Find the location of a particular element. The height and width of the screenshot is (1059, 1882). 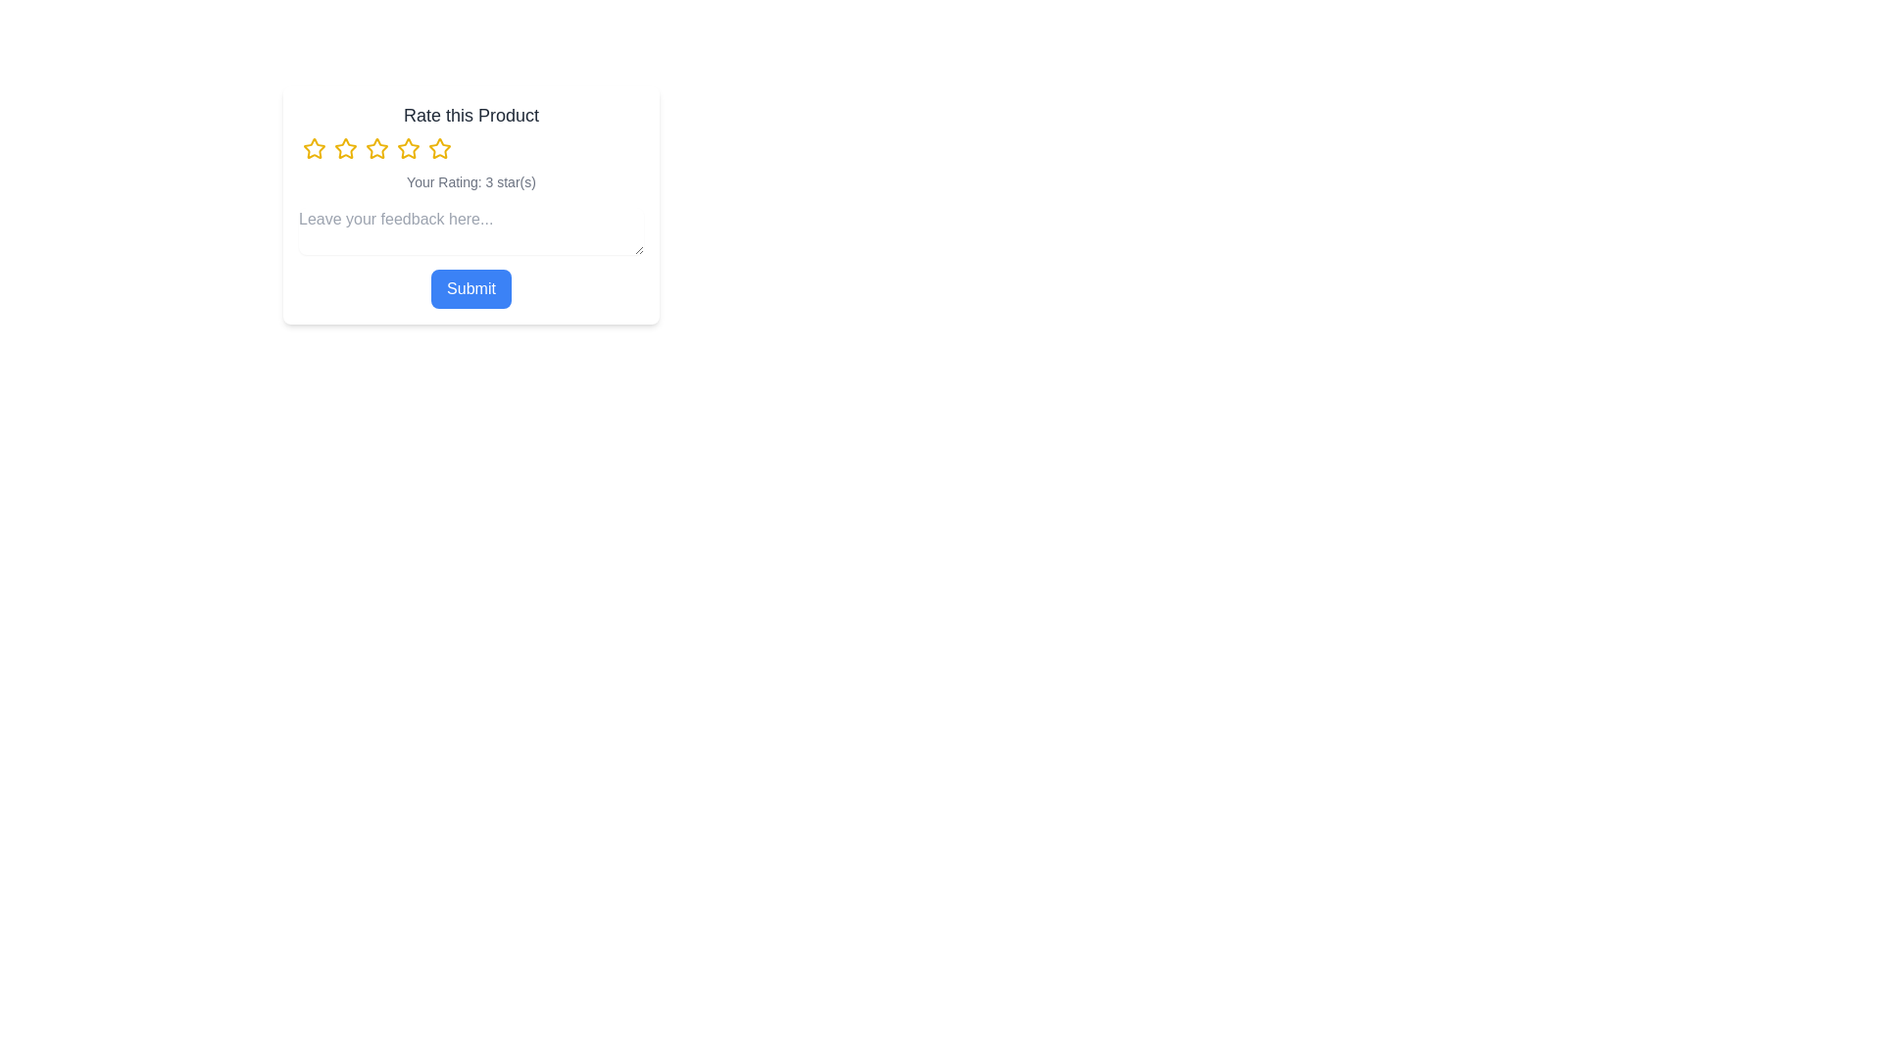

the rating by clicking on the 1 star is located at coordinates (315, 147).